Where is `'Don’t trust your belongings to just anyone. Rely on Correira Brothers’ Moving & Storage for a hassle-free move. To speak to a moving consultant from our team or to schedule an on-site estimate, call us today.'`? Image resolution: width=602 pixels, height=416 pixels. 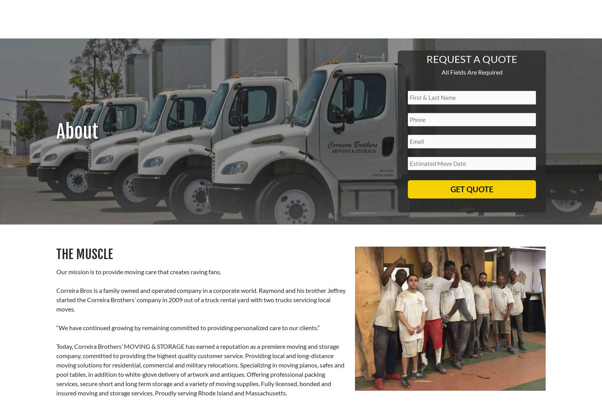 'Don’t trust your belongings to just anyone. Rely on Correira Brothers’ Moving & Storage for a hassle-free move. To speak to a moving consultant from our team or to schedule an on-site estimate, call us today.' is located at coordinates (301, 253).